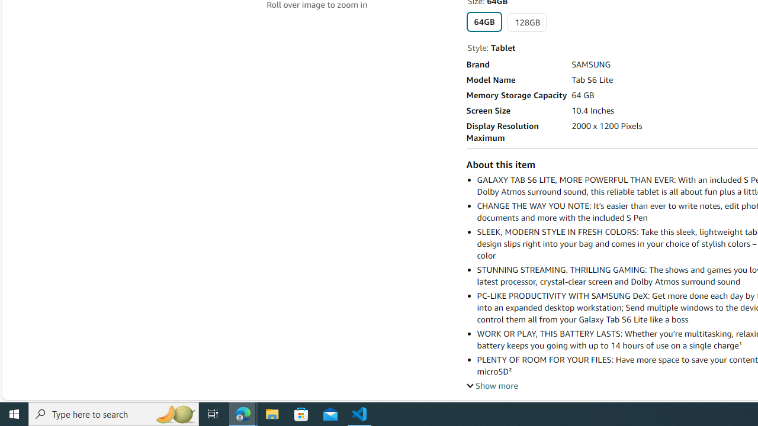  I want to click on '64GB', so click(484, 22).